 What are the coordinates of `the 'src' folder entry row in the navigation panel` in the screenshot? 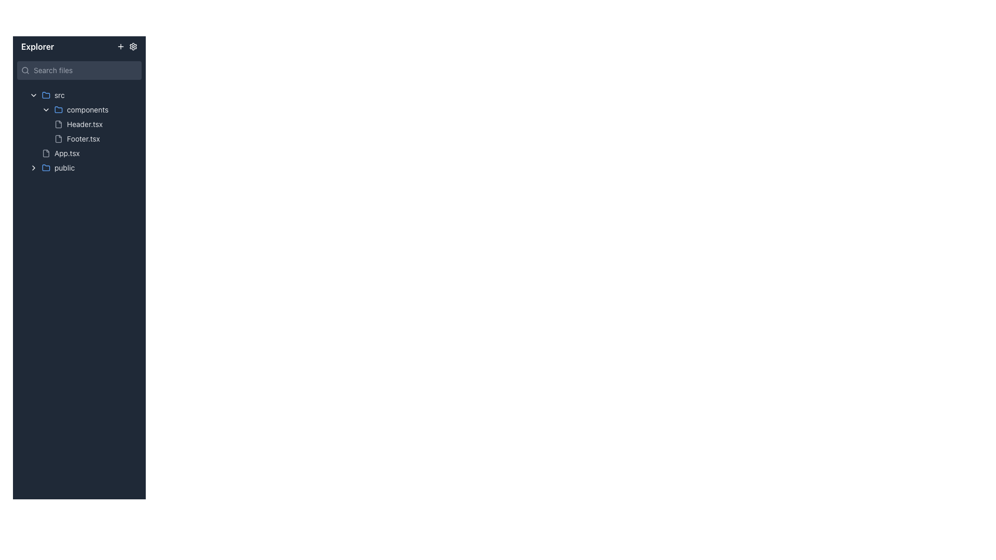 It's located at (84, 95).